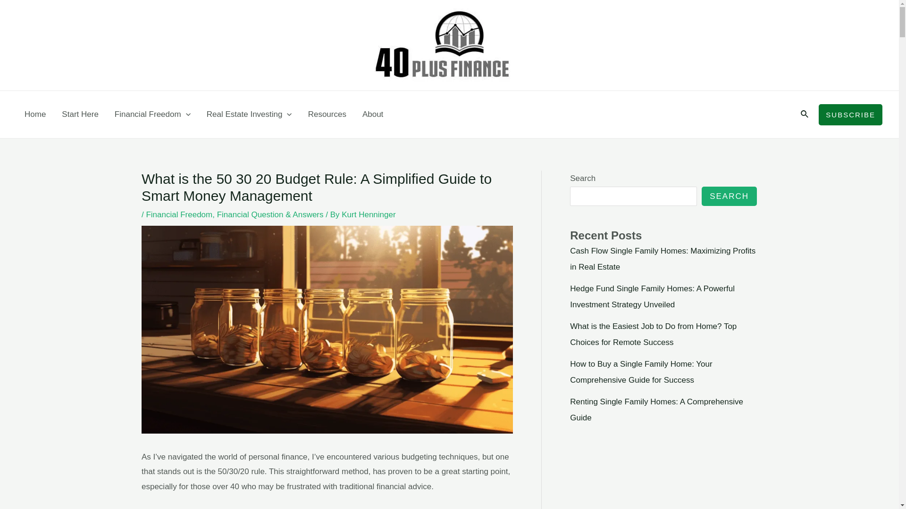 The image size is (906, 509). I want to click on 'Home', so click(35, 114).